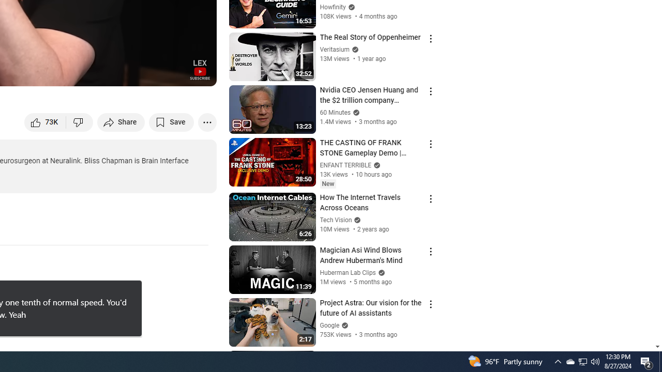 The width and height of the screenshot is (662, 372). I want to click on 'More actions', so click(207, 121).